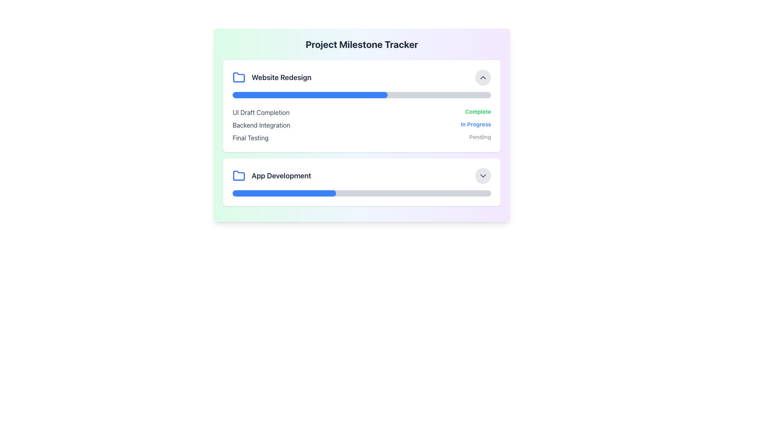  What do you see at coordinates (478, 94) in the screenshot?
I see `the progress bar` at bounding box center [478, 94].